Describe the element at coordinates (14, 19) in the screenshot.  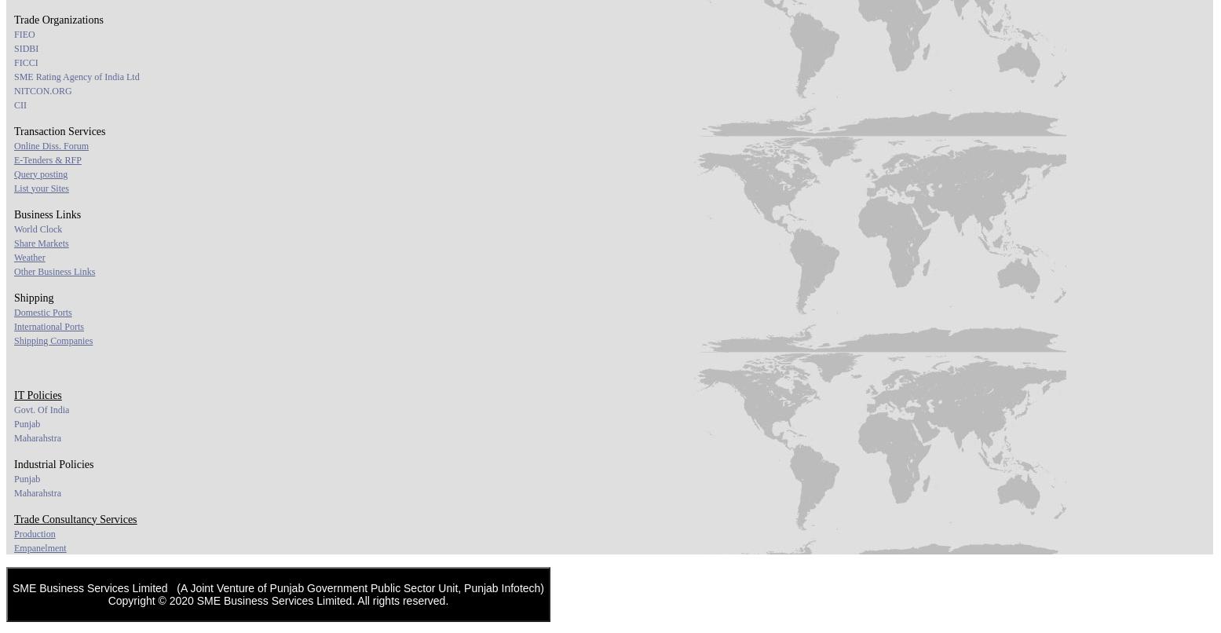
I see `'Trade Organizations'` at that location.